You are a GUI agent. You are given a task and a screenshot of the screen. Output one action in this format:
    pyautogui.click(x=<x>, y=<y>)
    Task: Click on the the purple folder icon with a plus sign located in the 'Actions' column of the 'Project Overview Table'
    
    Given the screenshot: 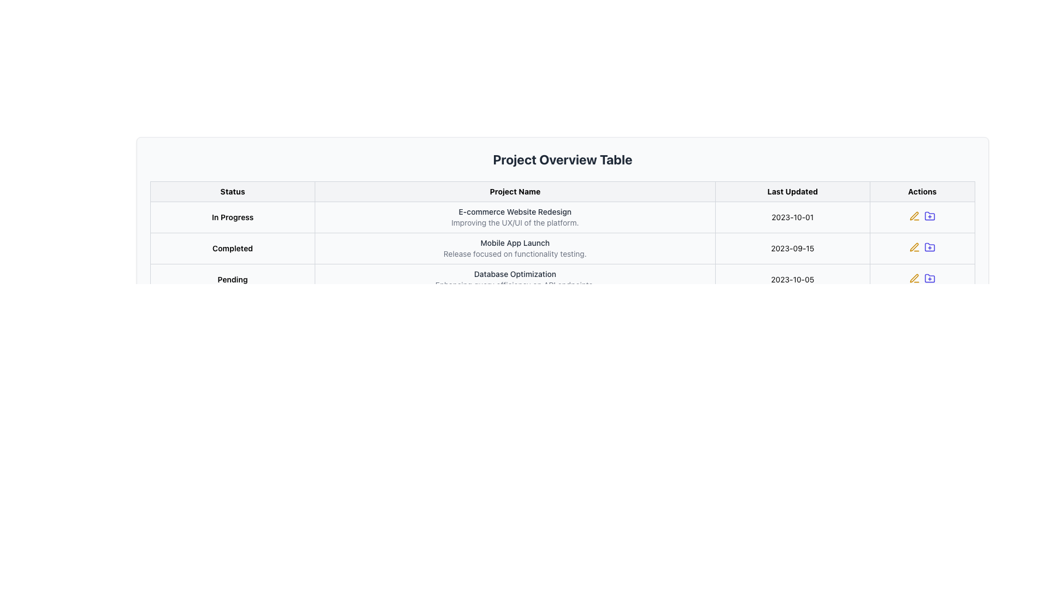 What is the action you would take?
    pyautogui.click(x=929, y=216)
    